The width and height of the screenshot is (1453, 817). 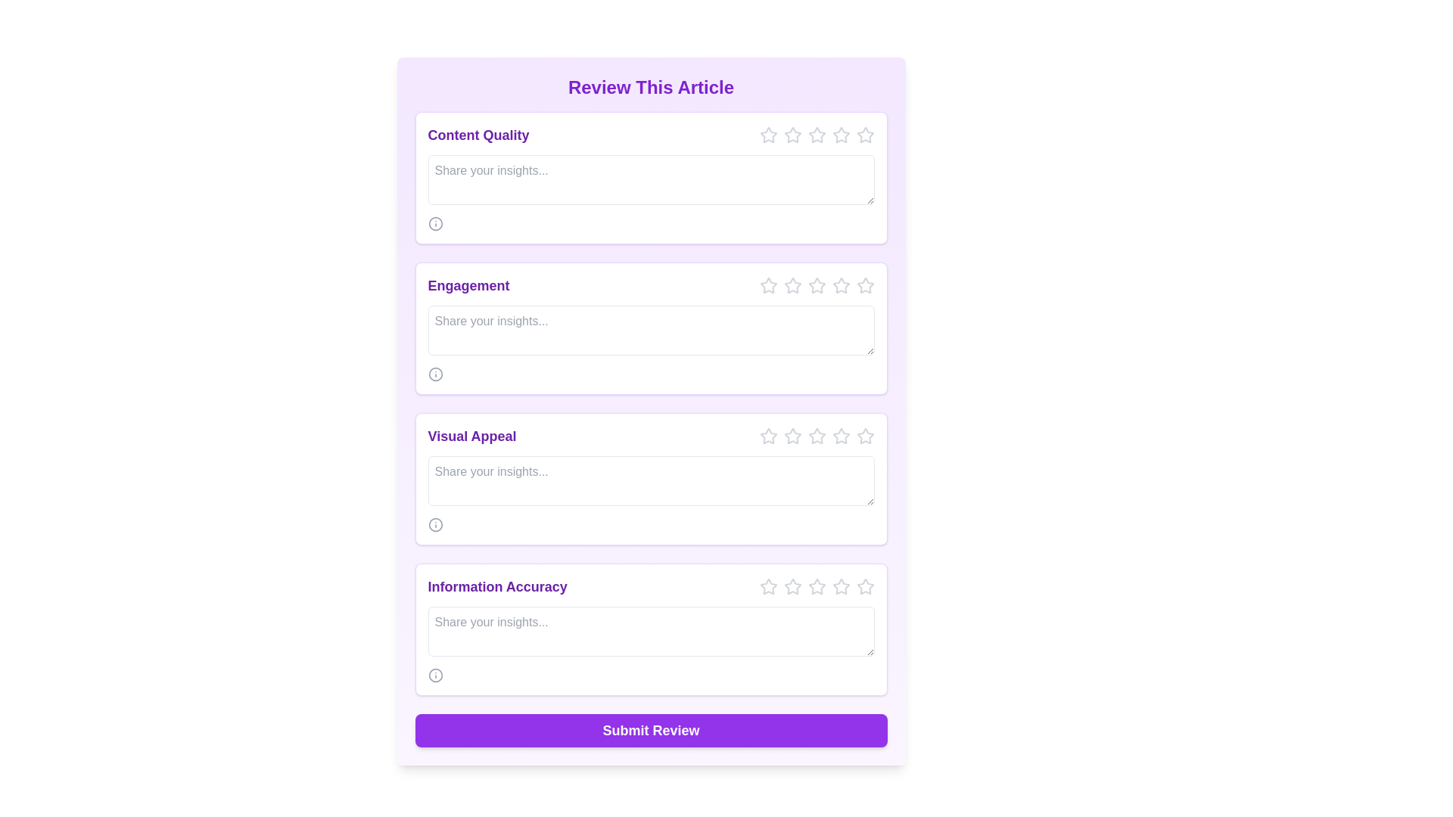 I want to click on the fifth star icon in the sequence of rating stars within the 'Visual Appeal' section to set the rating, so click(x=865, y=436).